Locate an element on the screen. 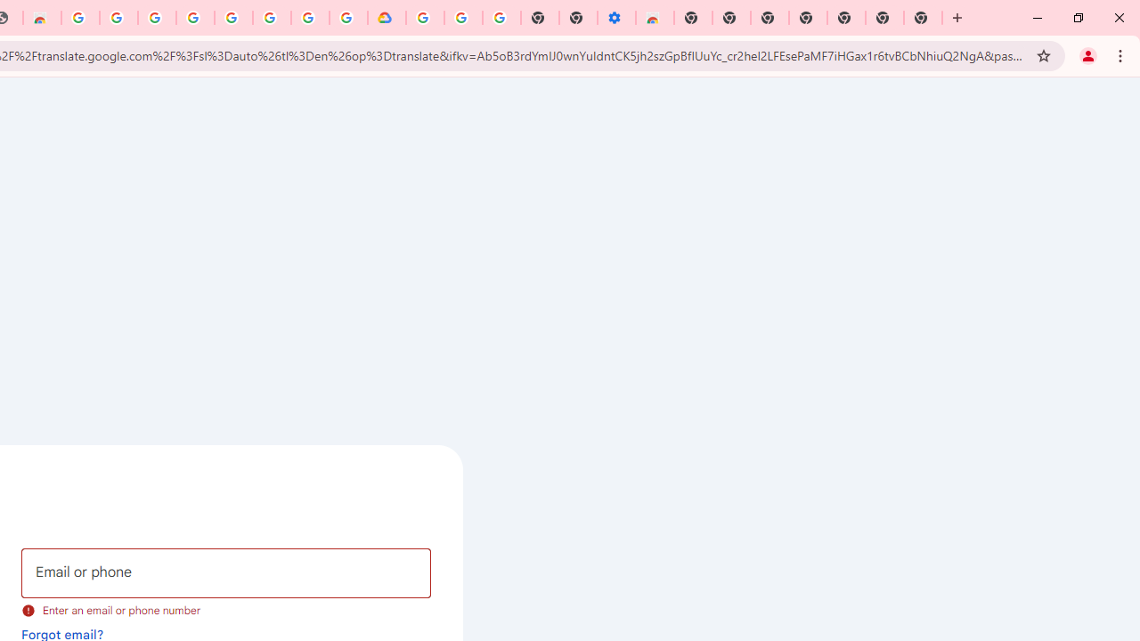 This screenshot has width=1140, height=641. 'Email or phone' is located at coordinates (225, 572).